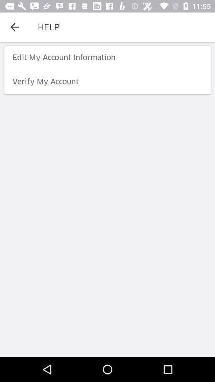  I want to click on the item to the left of help icon, so click(14, 27).